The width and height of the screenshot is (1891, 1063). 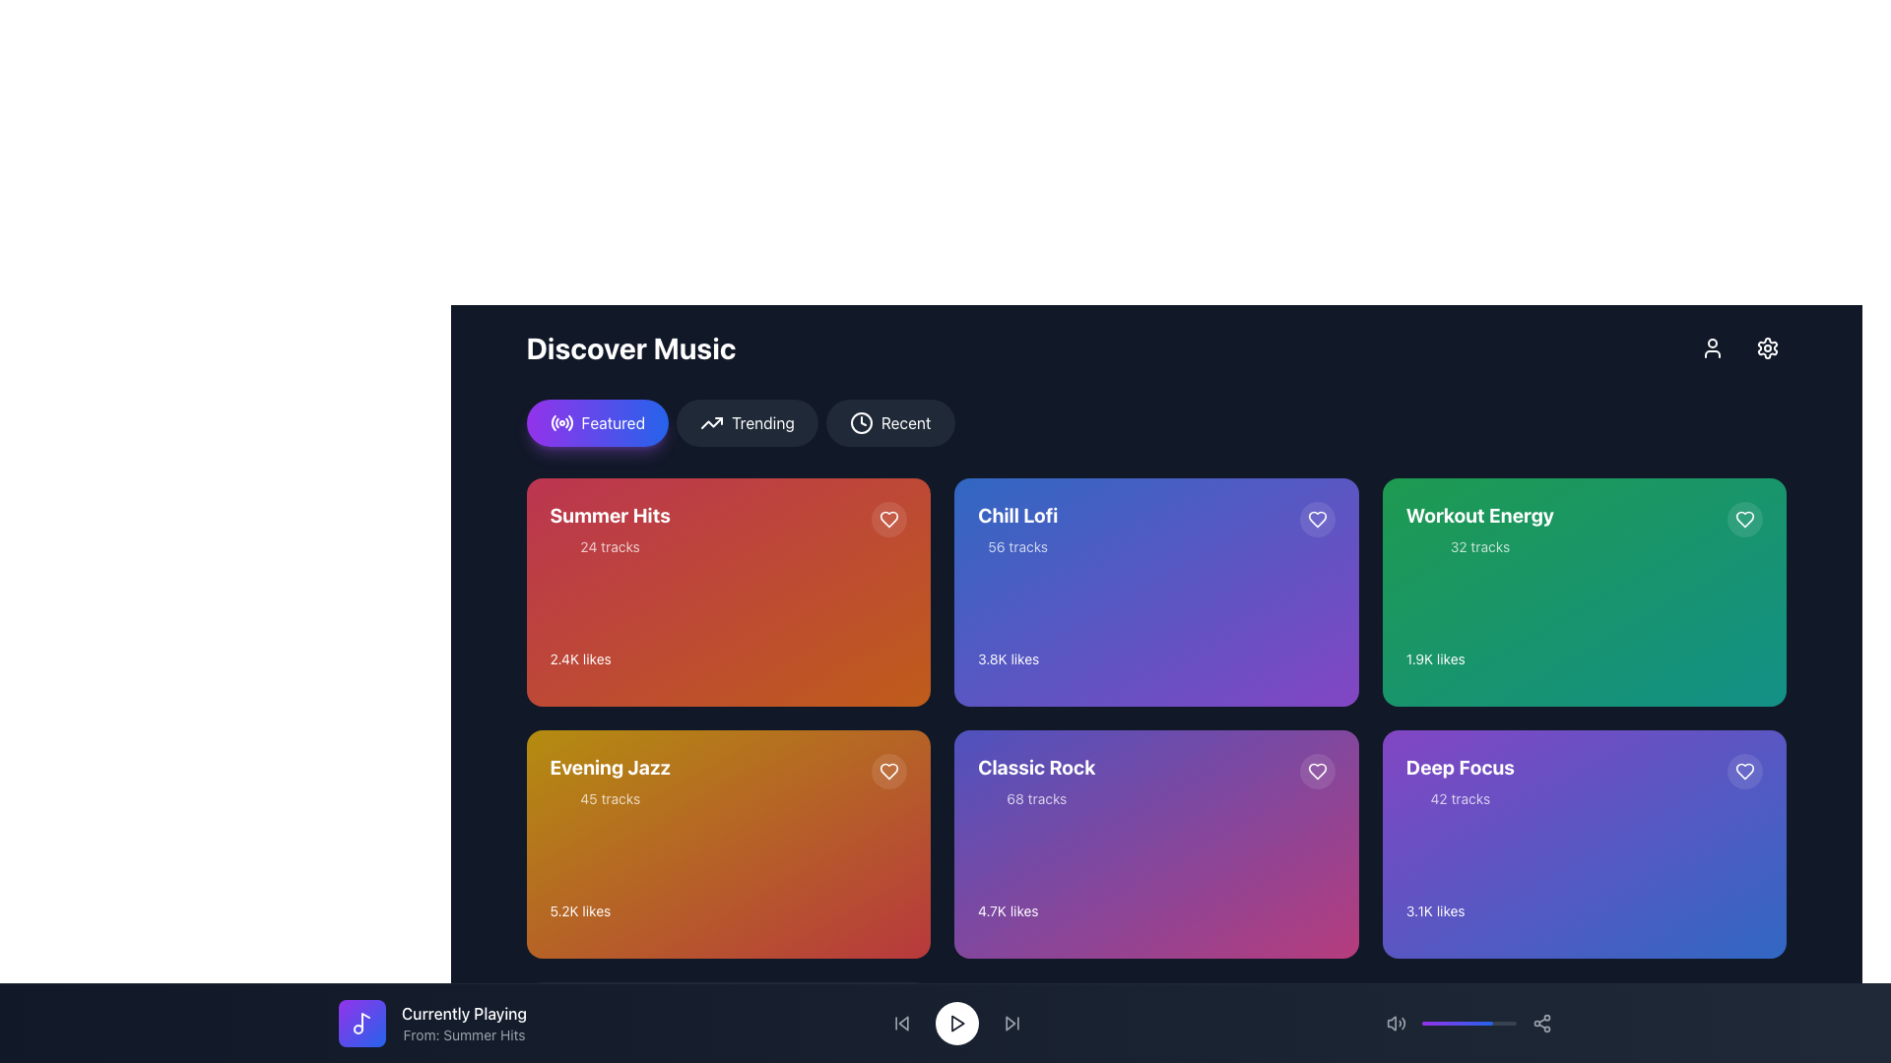 What do you see at coordinates (1035, 766) in the screenshot?
I see `the bold 'Classic Rock' static text label located at the top of the purple gradient card in the bottom row, second column of the grid layout` at bounding box center [1035, 766].